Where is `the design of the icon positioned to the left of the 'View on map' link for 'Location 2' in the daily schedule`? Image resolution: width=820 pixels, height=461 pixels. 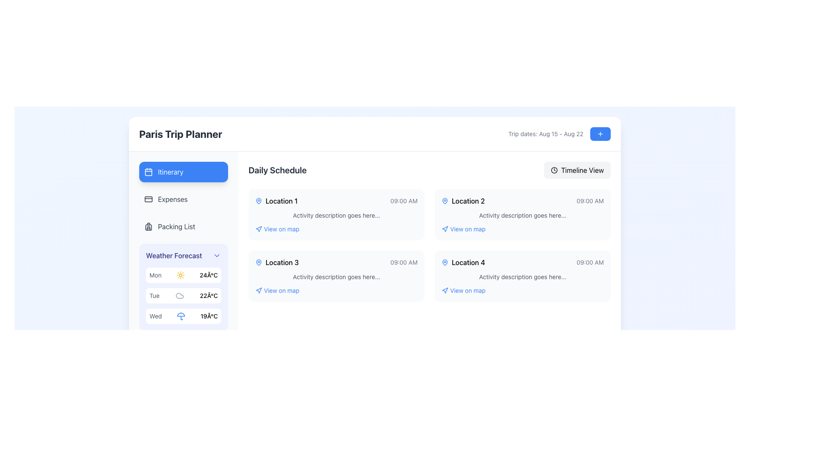 the design of the icon positioned to the left of the 'View on map' link for 'Location 2' in the daily schedule is located at coordinates (445, 228).